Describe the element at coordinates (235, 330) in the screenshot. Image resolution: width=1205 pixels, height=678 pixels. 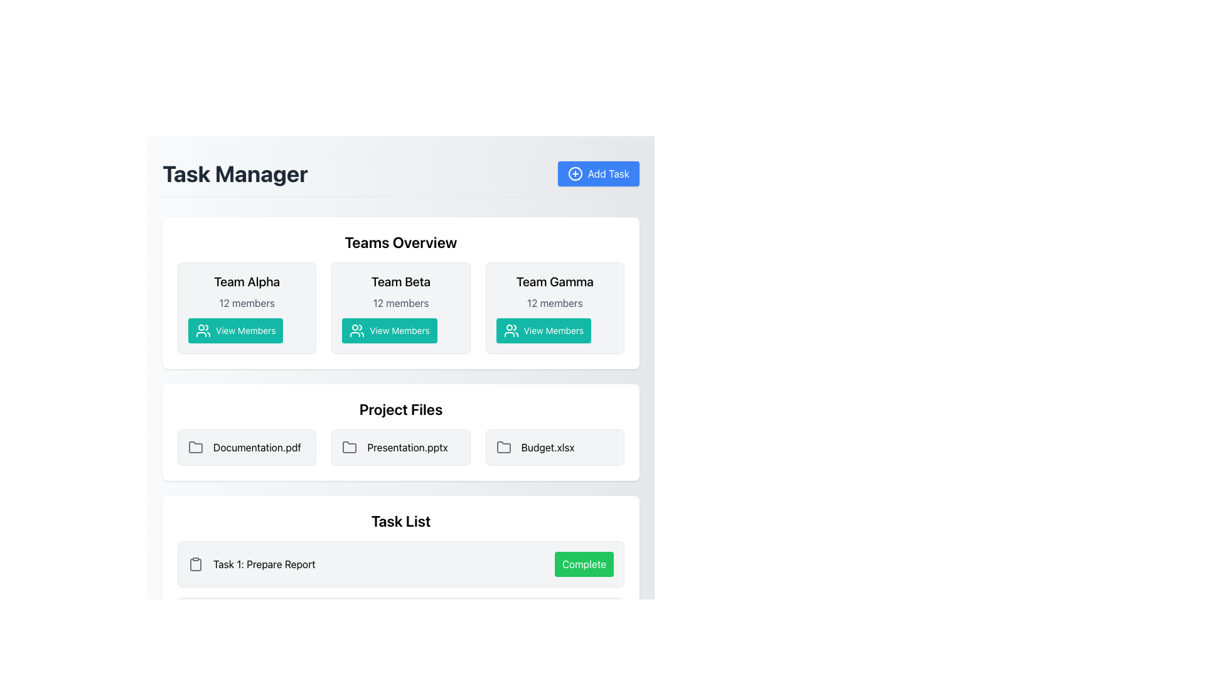
I see `the button located in the 'Teams Overview' section under the 'Team Alpha' card` at that location.